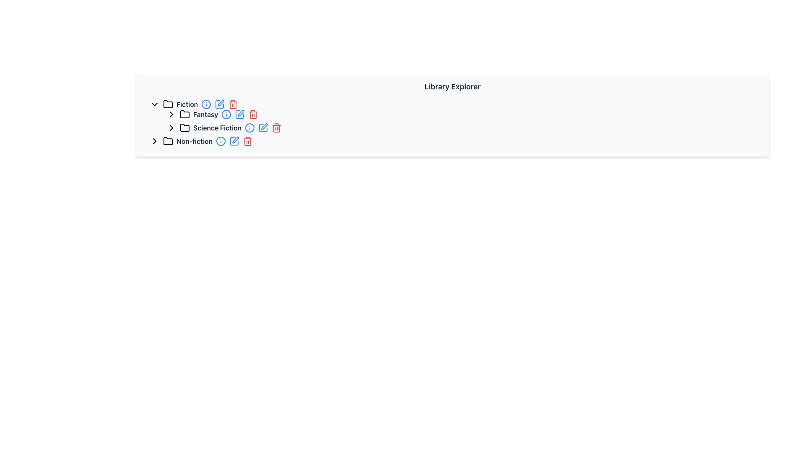  What do you see at coordinates (155, 141) in the screenshot?
I see `the directional indicator icon located to the left of the 'Non-fiction' folder icon` at bounding box center [155, 141].